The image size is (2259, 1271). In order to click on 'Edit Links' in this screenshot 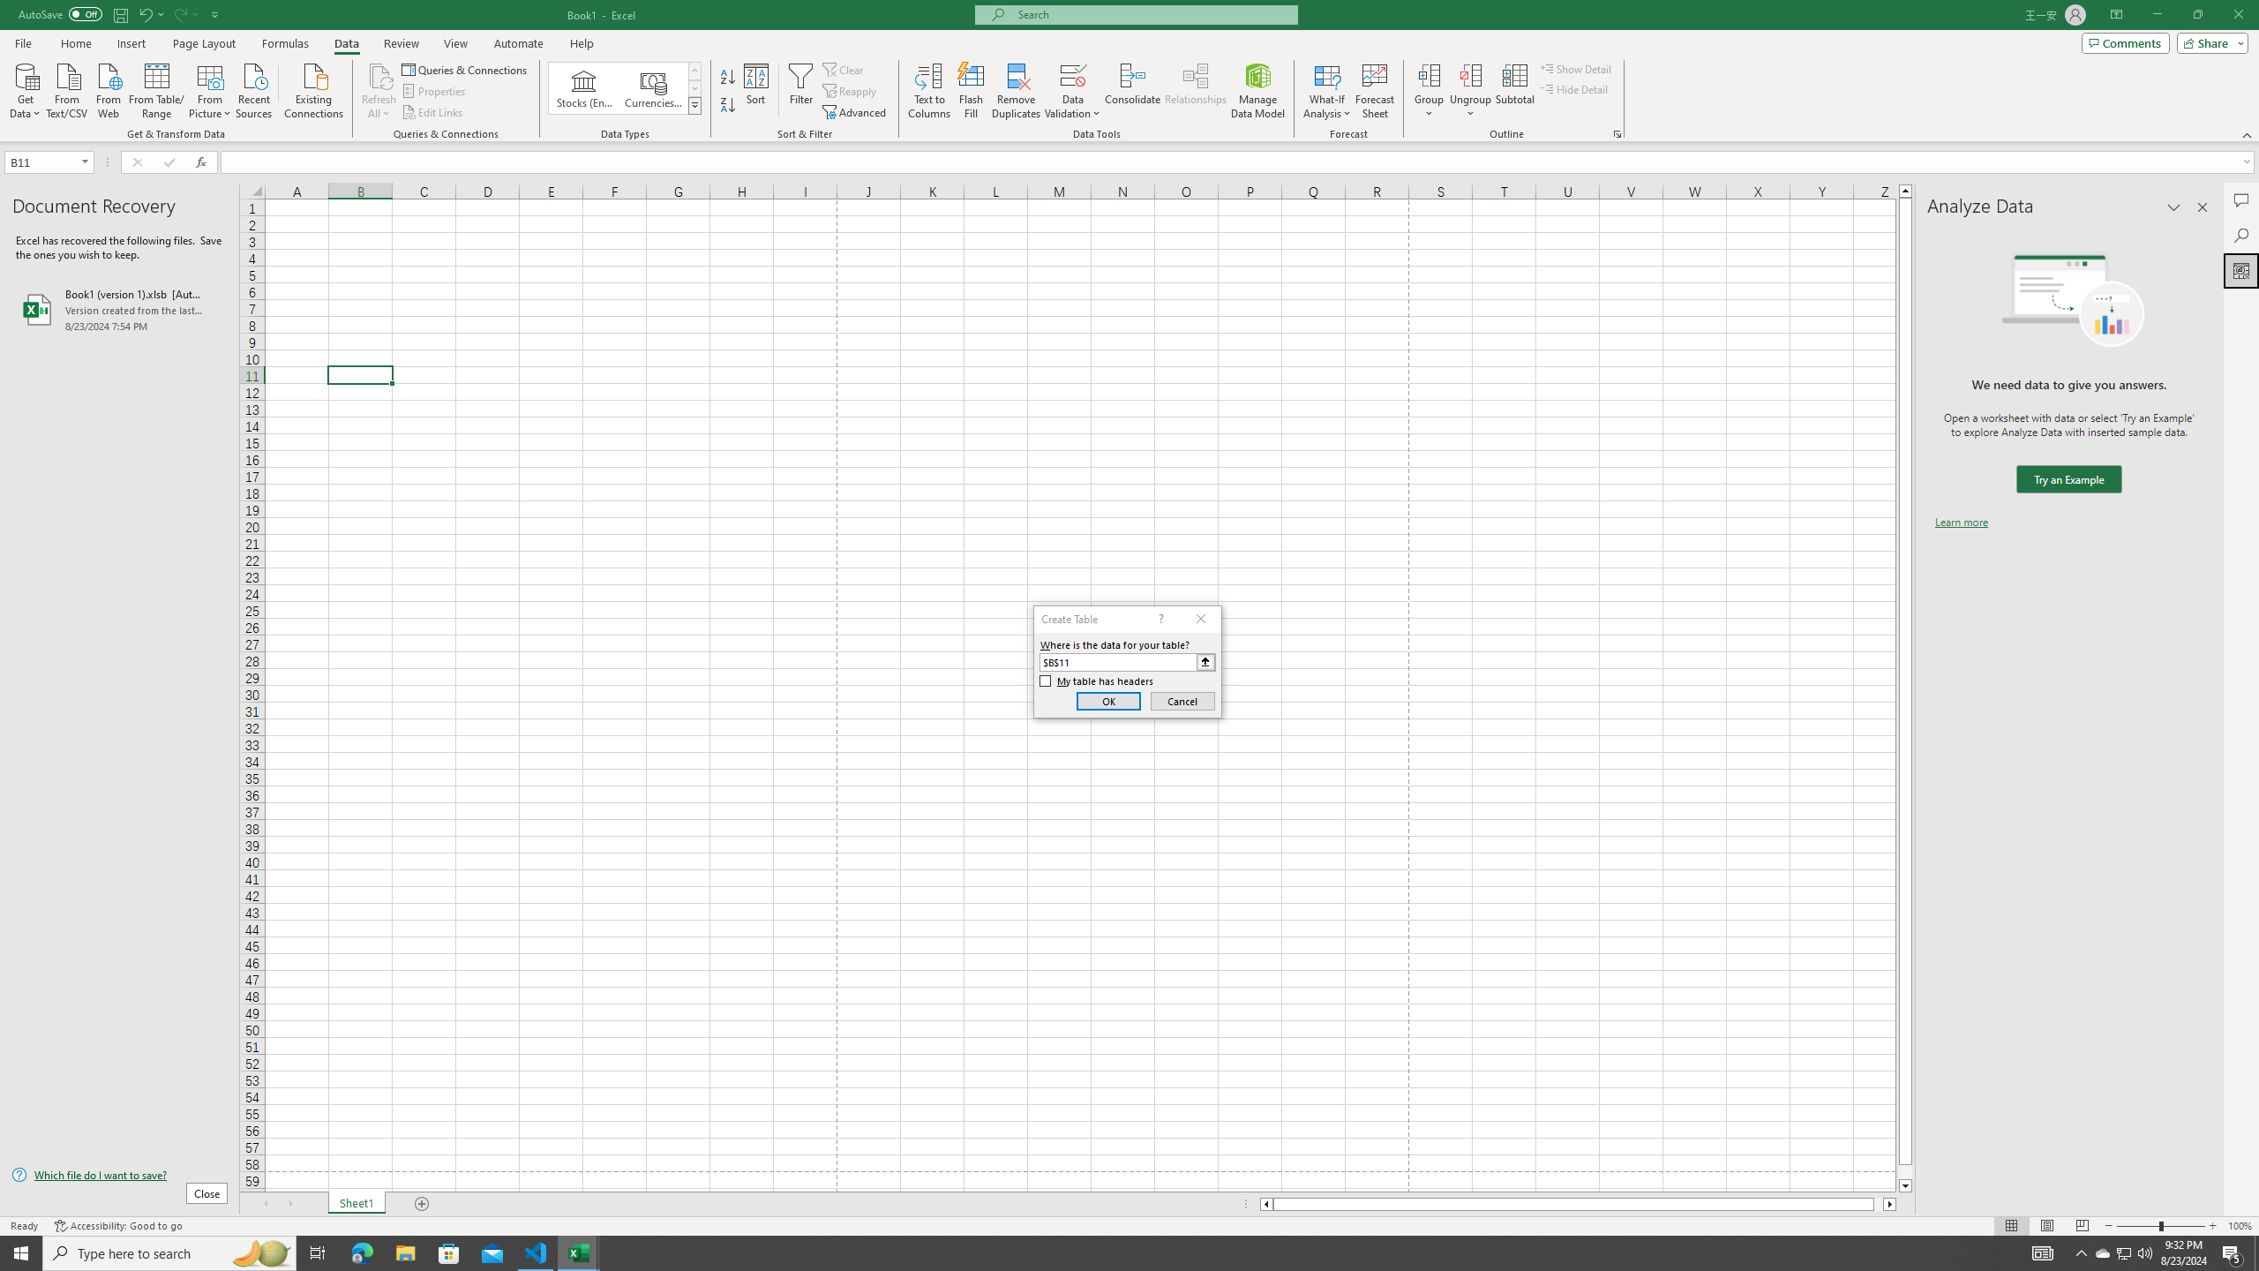, I will do `click(432, 112)`.